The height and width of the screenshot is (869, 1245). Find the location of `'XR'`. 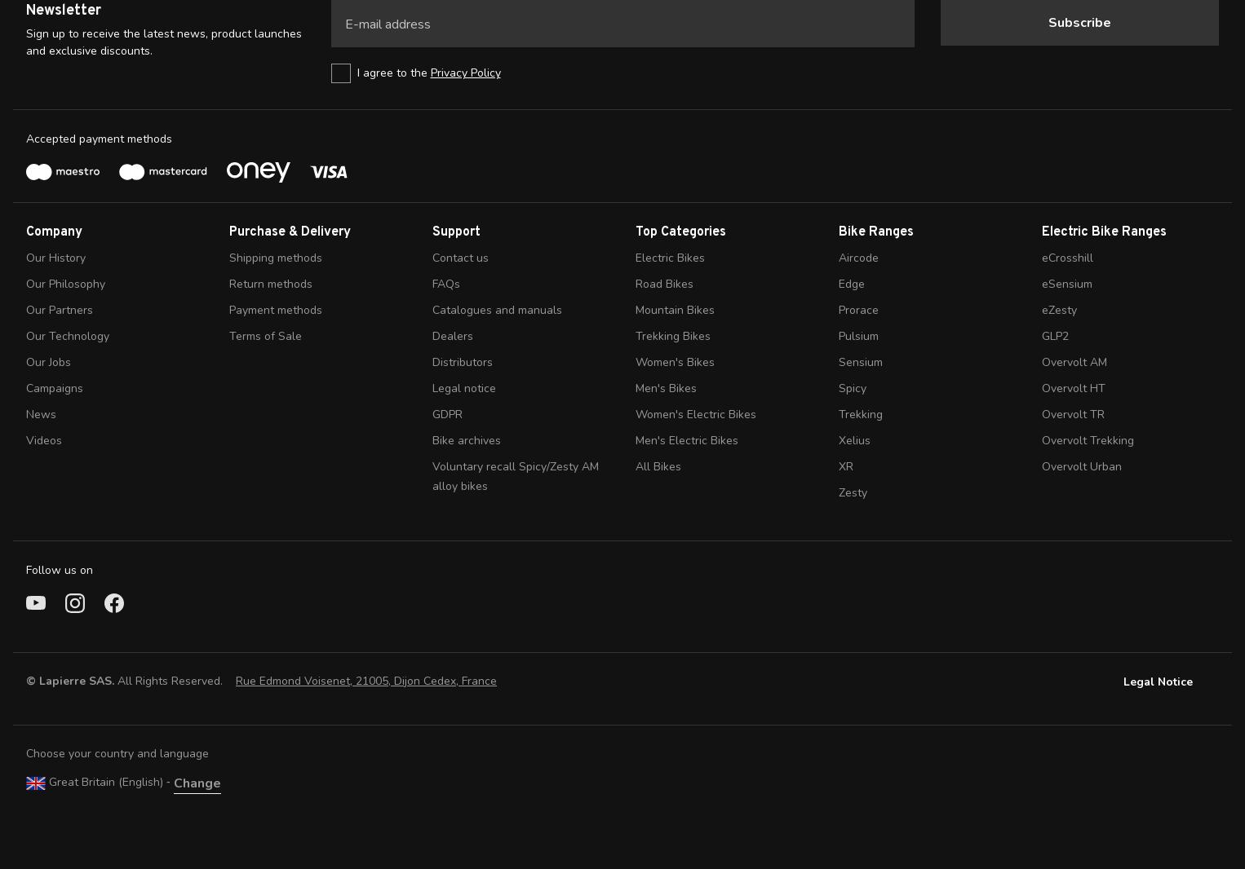

'XR' is located at coordinates (846, 465).